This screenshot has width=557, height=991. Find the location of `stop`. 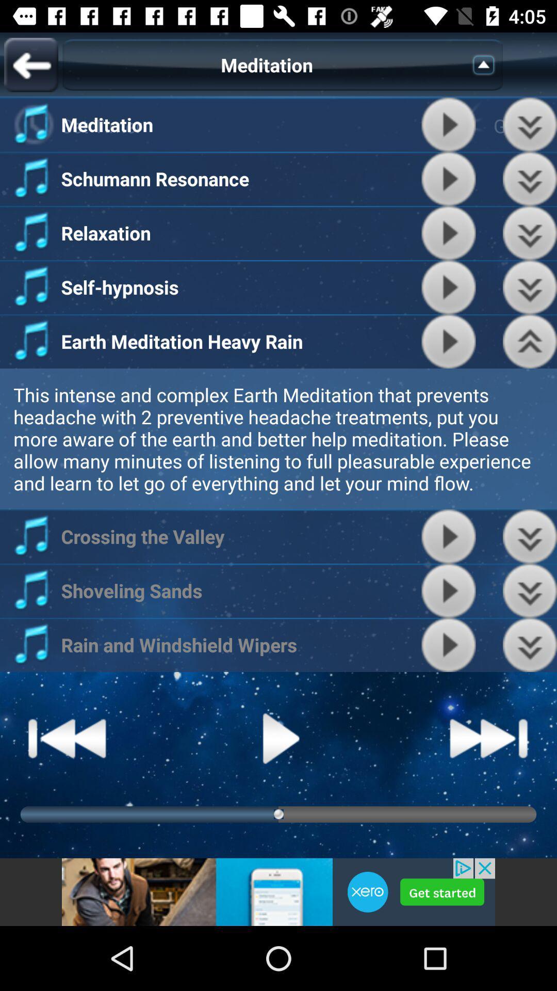

stop is located at coordinates (448, 644).